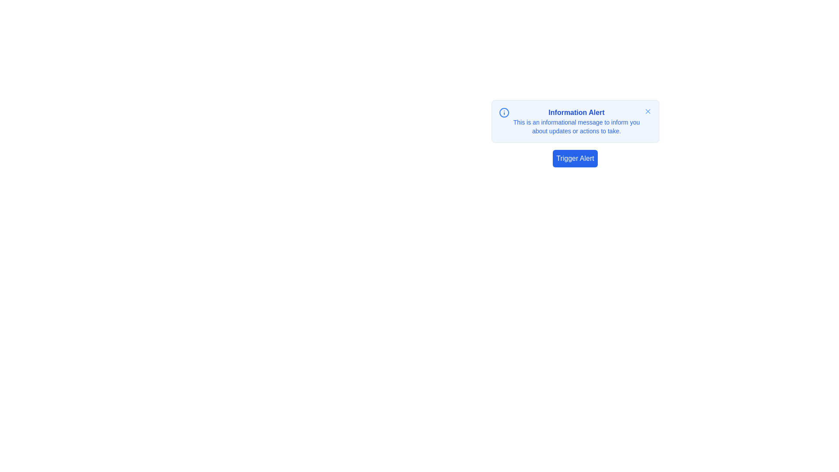 The height and width of the screenshot is (472, 839). Describe the element at coordinates (575, 158) in the screenshot. I see `the button located centrally below the 'Information Alert' panel` at that location.